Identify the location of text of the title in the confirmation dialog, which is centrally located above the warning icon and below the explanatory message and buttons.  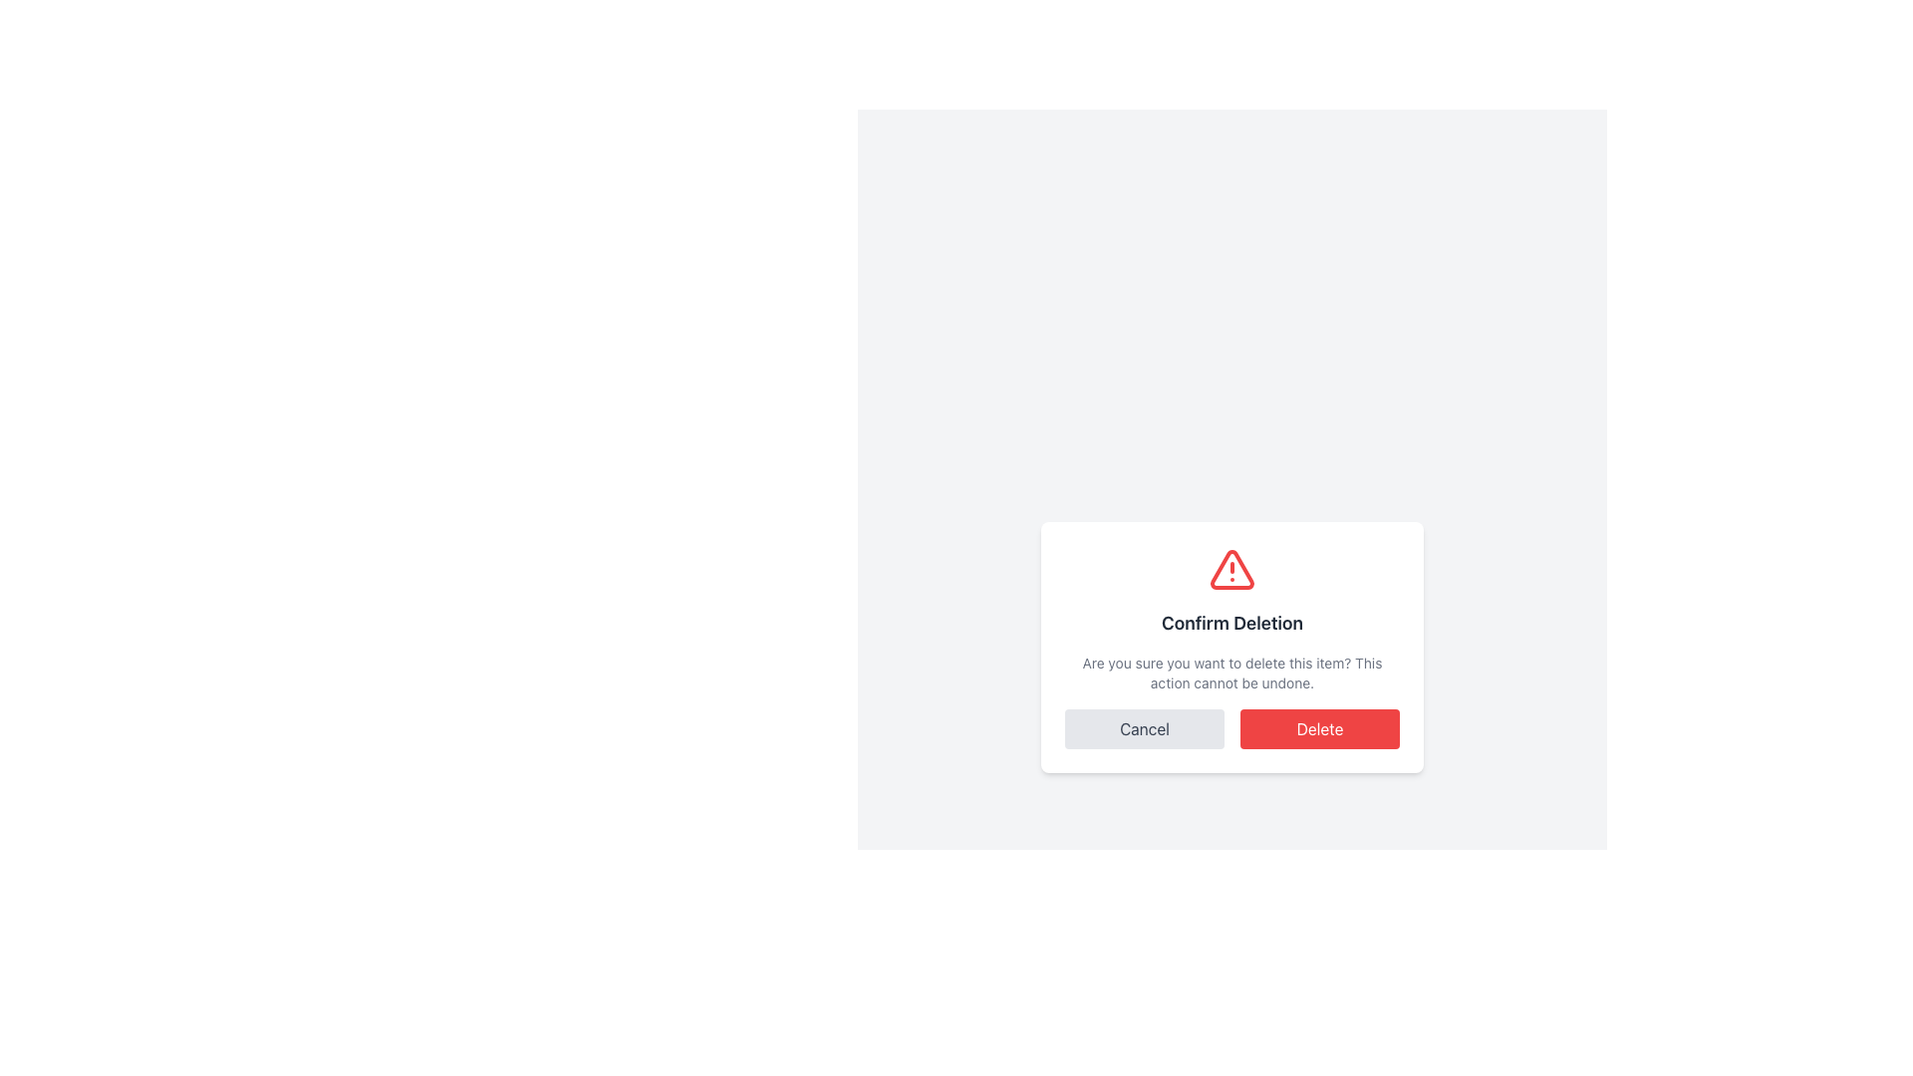
(1231, 622).